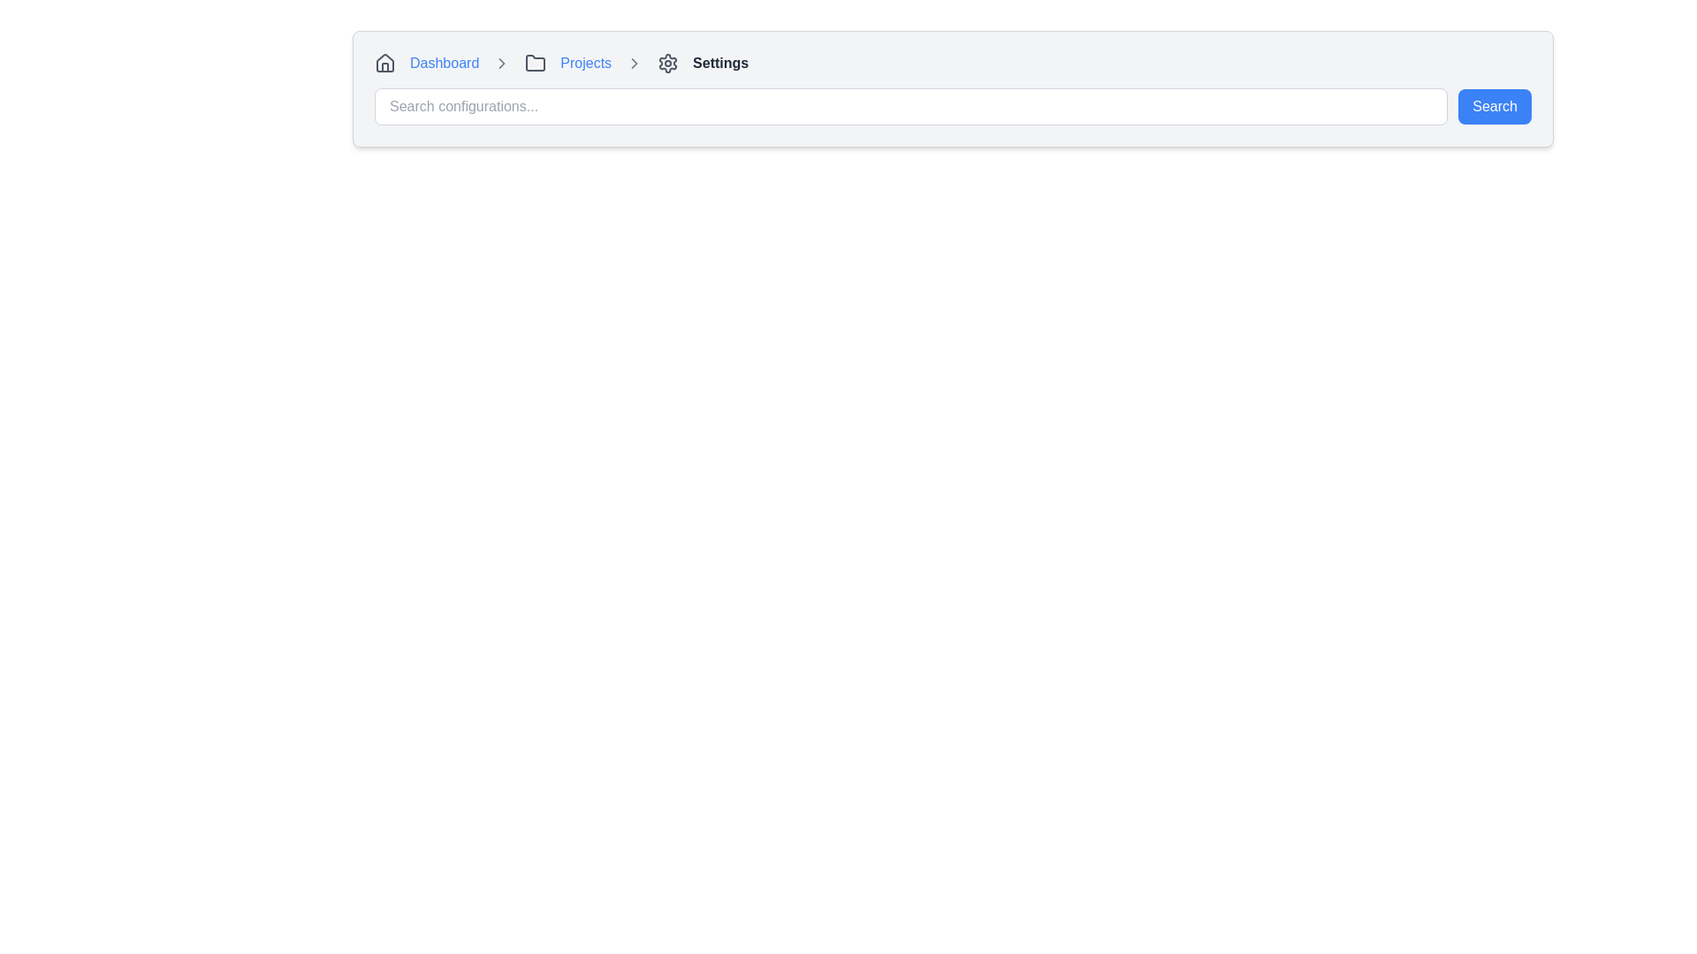 The width and height of the screenshot is (1697, 954). I want to click on the 'home' icon located at the far left of the breadcrumb navigation segment before the 'Dashboard' text link, so click(384, 63).